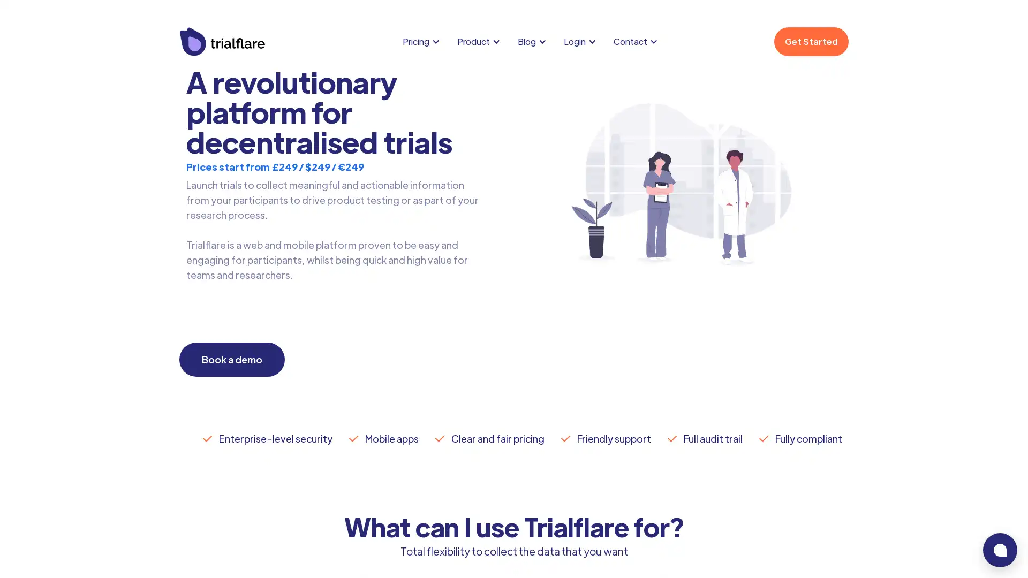 This screenshot has height=578, width=1028. What do you see at coordinates (999, 550) in the screenshot?
I see `bubble-icon` at bounding box center [999, 550].